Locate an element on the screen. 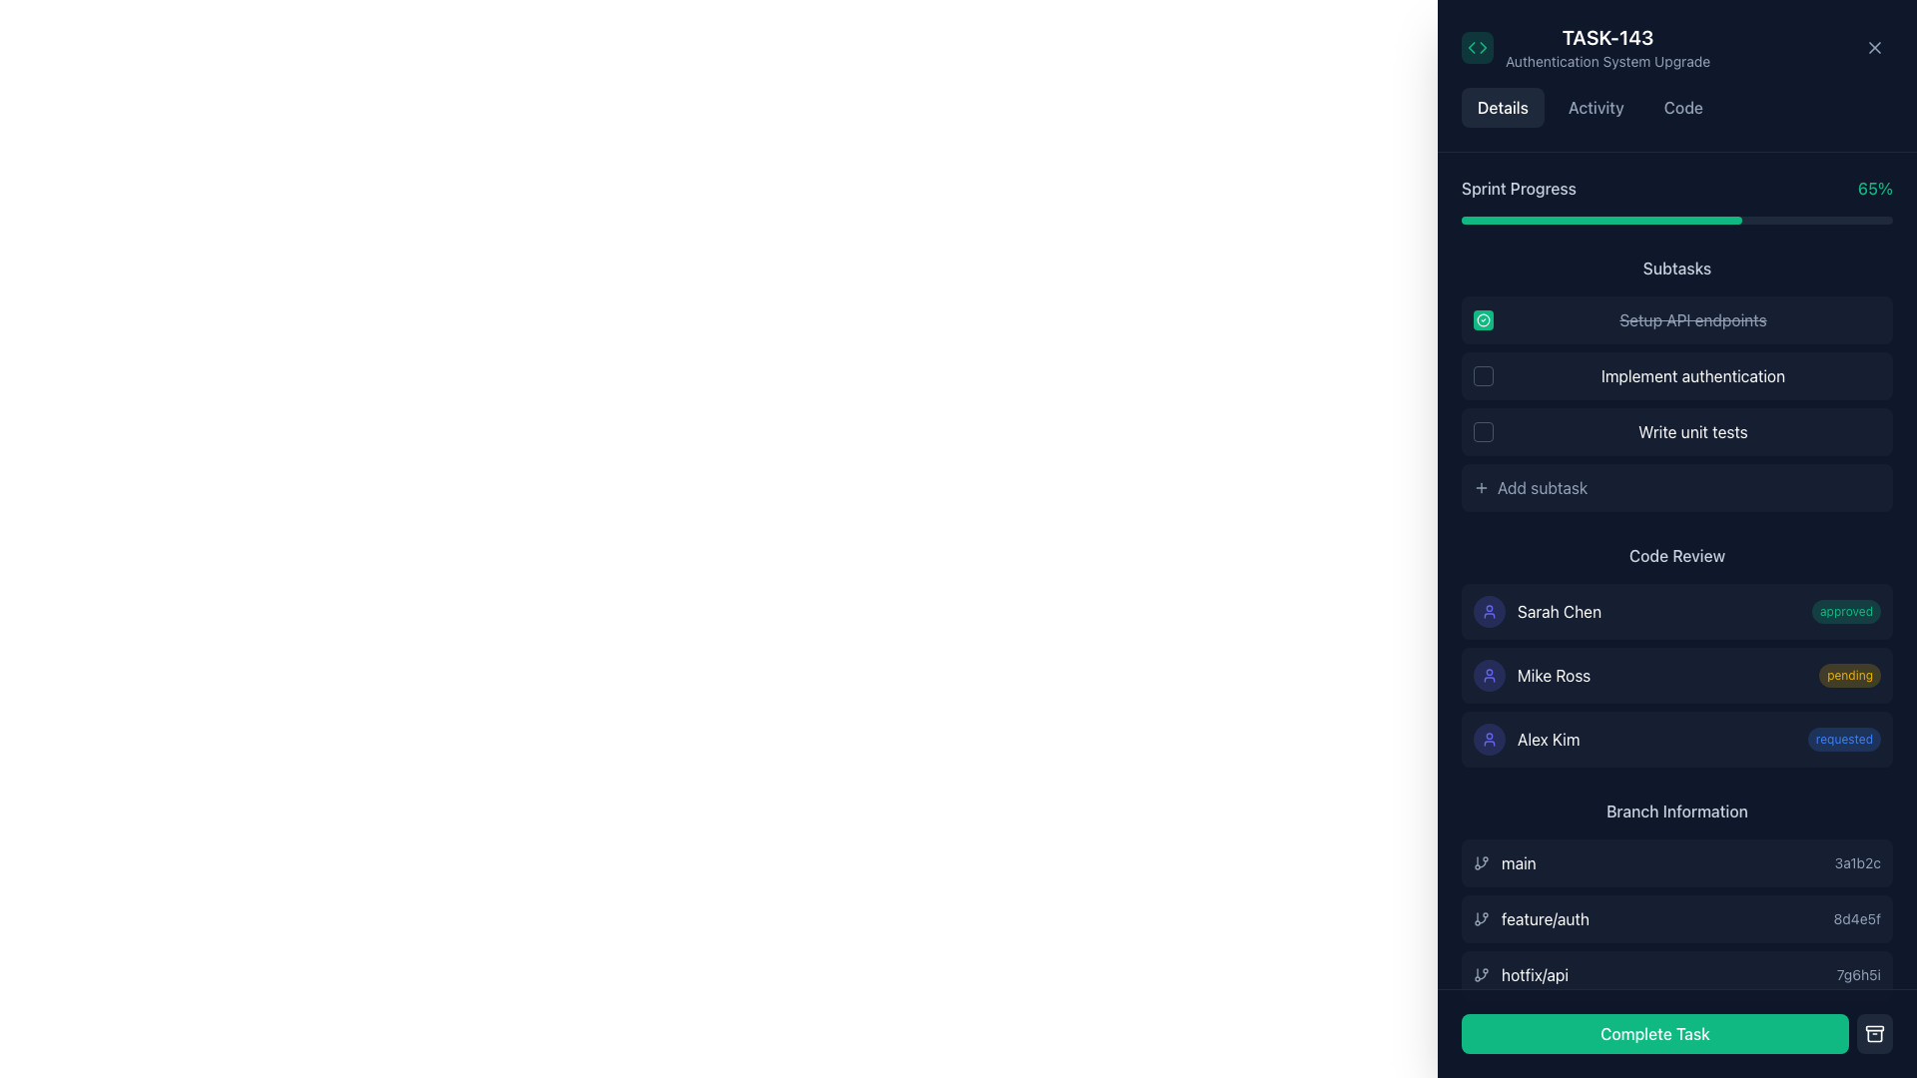 The width and height of the screenshot is (1917, 1078). the text label displaying 'Implement authentication', which is positioned below 'Setup API endpoints' and above 'Write unit tests' in the subtasks section is located at coordinates (1691, 376).